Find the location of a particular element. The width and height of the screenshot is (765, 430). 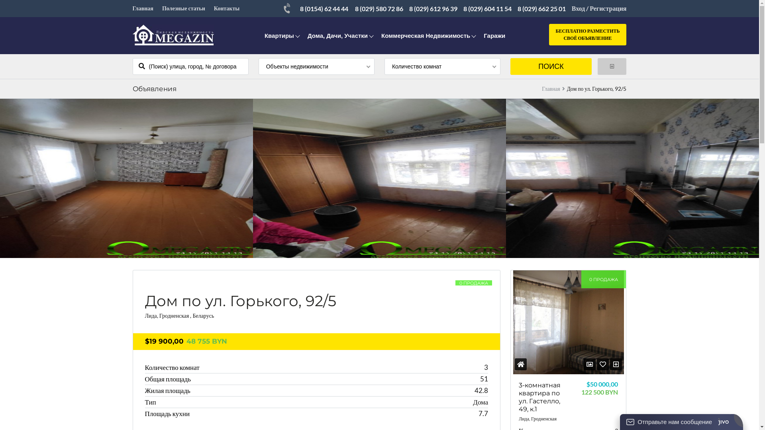

'<i class="fa fa-heart-o"></i>' is located at coordinates (602, 364).